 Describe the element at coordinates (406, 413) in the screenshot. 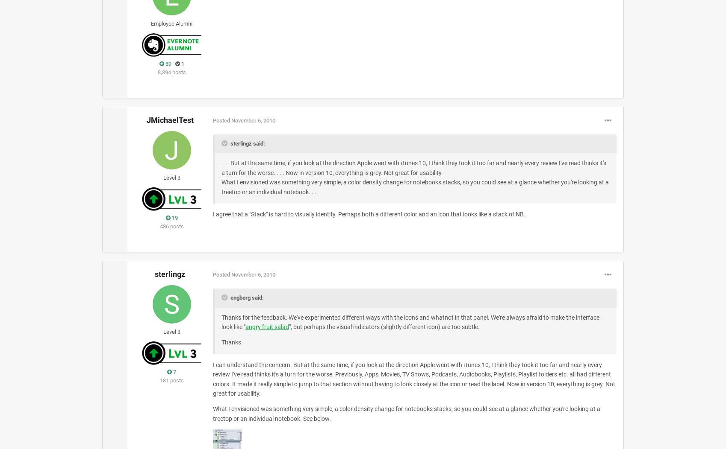

I see `'What I envisioned was something very simple, a color density change for notebooks stacks, so you could see at a glance whether you're looking at a treetop or an individual notebook. See below.'` at that location.